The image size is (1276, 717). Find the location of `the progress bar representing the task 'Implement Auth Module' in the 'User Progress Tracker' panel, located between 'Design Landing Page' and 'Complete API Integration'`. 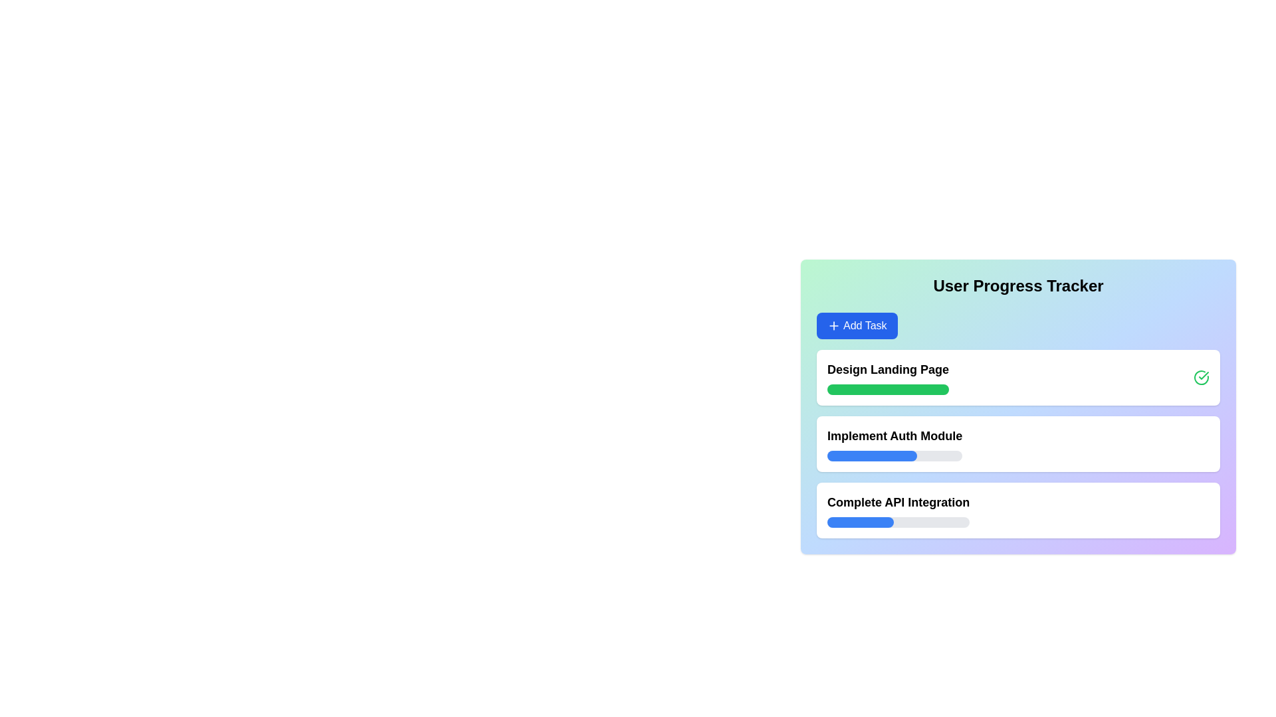

the progress bar representing the task 'Implement Auth Module' in the 'User Progress Tracker' panel, located between 'Design Landing Page' and 'Complete API Integration' is located at coordinates (870, 455).